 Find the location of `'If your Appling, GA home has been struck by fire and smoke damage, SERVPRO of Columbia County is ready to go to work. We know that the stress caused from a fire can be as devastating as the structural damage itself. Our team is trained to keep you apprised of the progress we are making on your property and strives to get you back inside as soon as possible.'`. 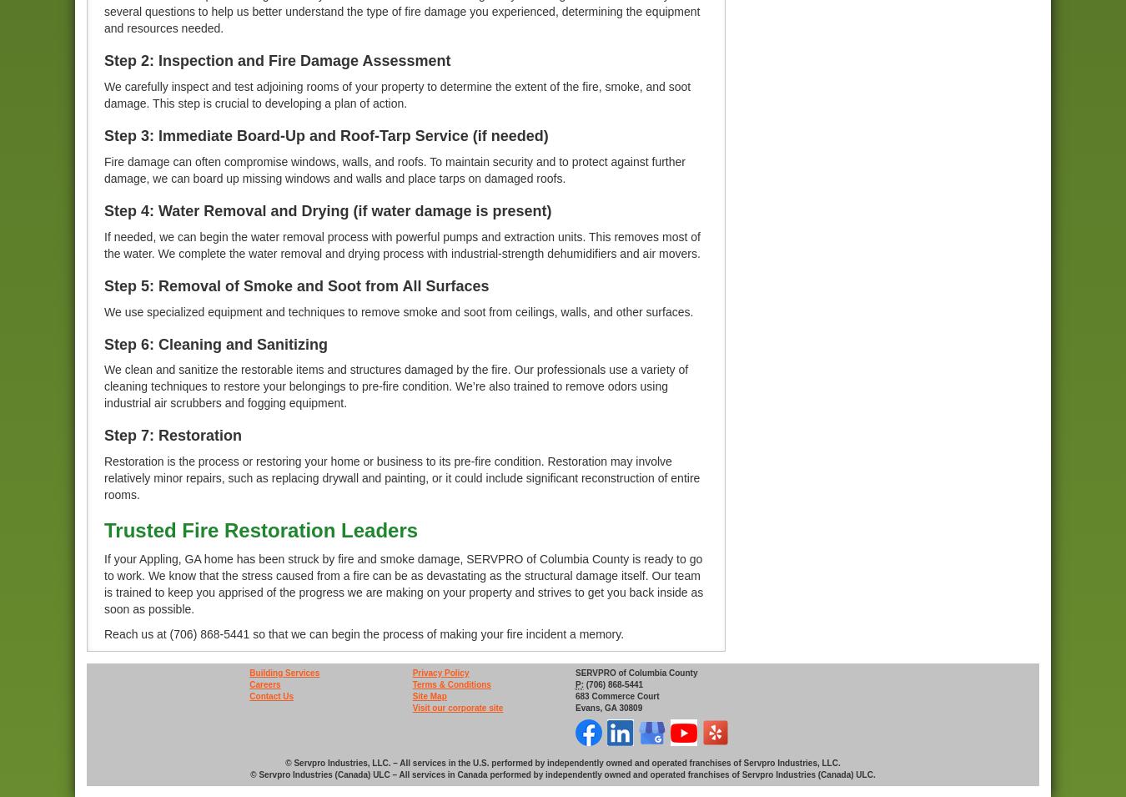

'If your Appling, GA home has been struck by fire and smoke damage, SERVPRO of Columbia County is ready to go to work. We know that the stress caused from a fire can be as devastating as the structural damage itself. Our team is trained to keep you apprised of the progress we are making on your property and strives to get you back inside as soon as possible.' is located at coordinates (402, 582).